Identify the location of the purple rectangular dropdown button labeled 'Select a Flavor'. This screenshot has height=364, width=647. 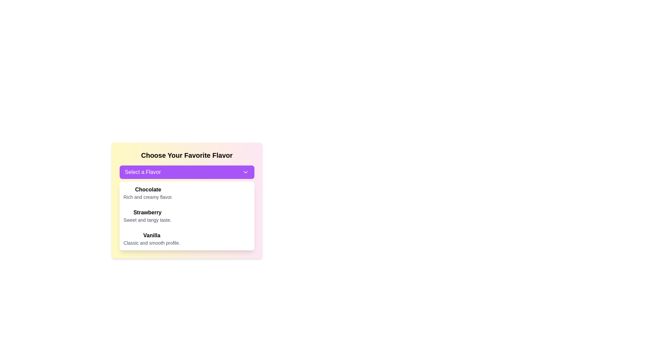
(187, 172).